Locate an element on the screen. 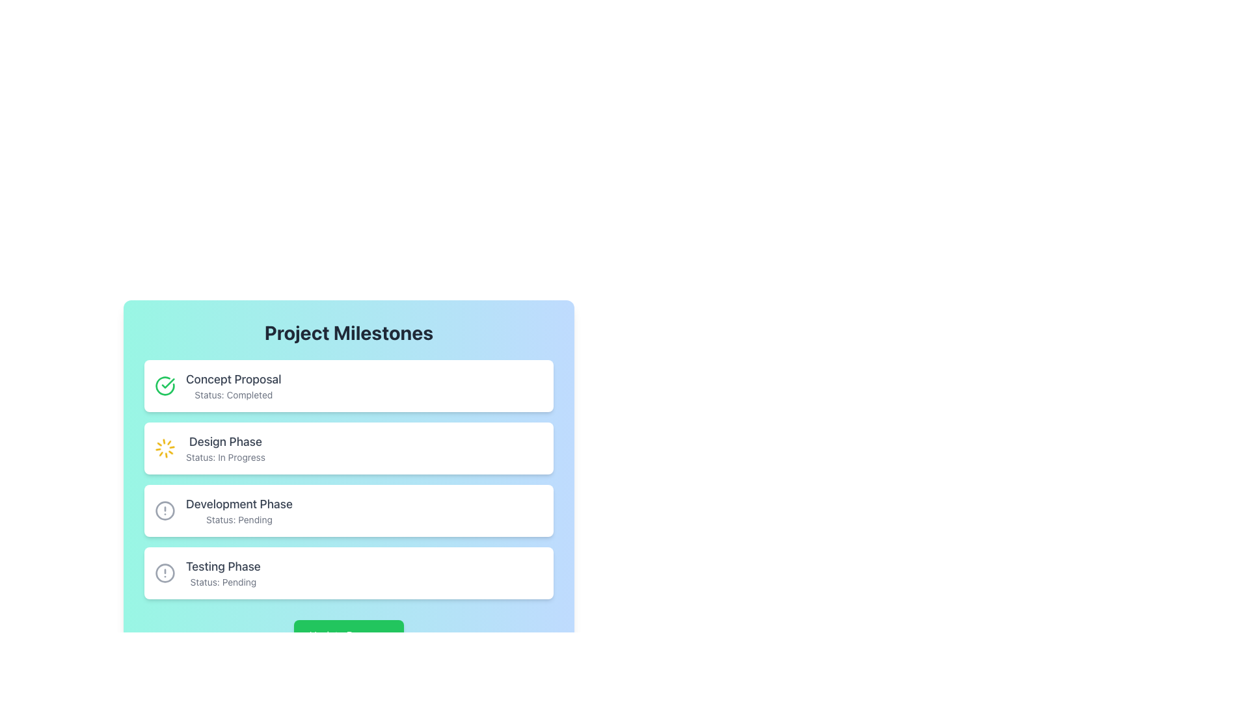 The image size is (1249, 702). the Text Label that serves as the title for the 'Design Phase' milestone, which is positioned in the second milestone box from the top, aligned to the left above 'Status: In Progress' is located at coordinates (225, 441).